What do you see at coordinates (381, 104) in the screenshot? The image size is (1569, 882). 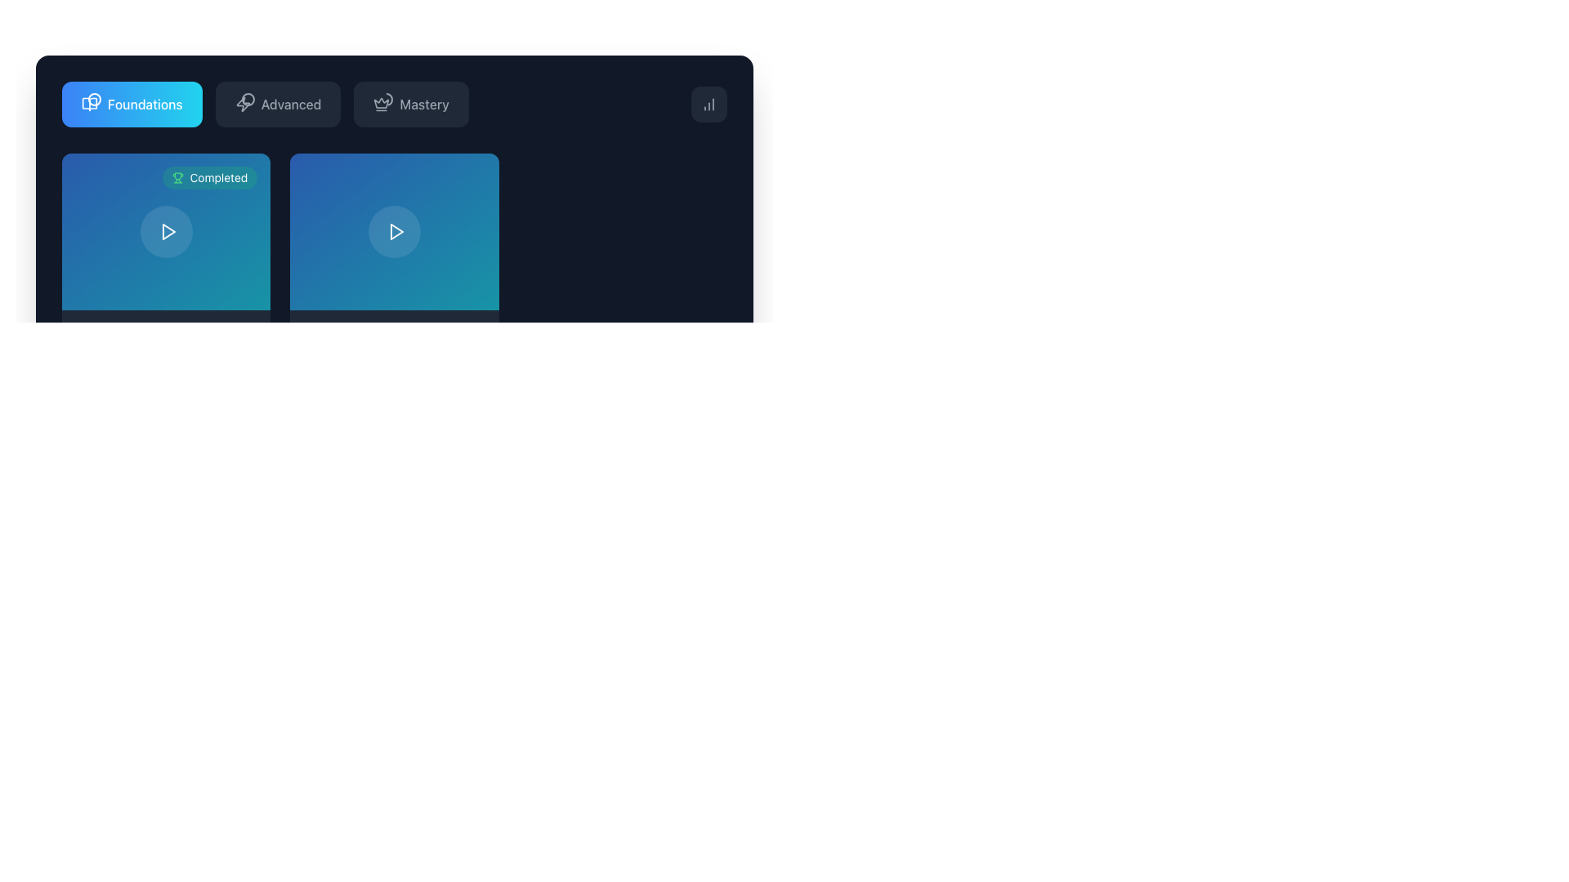 I see `the 'Mastery' icon located` at bounding box center [381, 104].